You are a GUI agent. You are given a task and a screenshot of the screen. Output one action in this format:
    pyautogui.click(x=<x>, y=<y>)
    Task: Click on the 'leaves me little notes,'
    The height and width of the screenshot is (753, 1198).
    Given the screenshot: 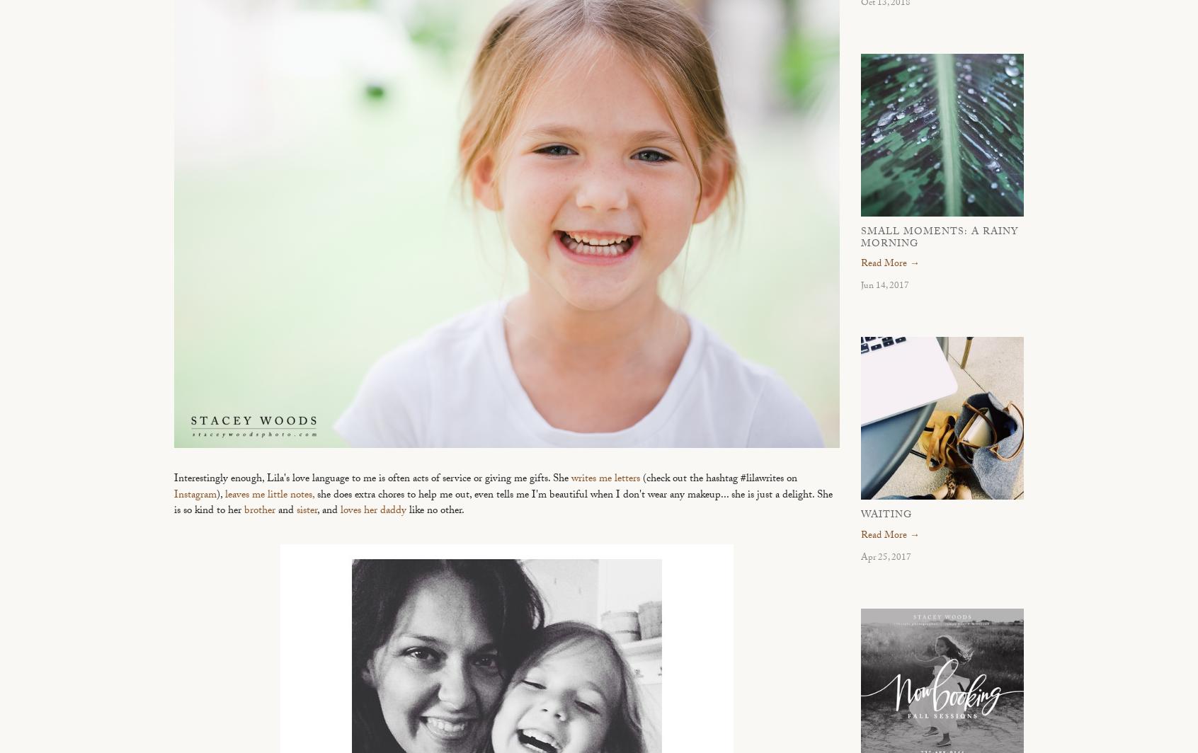 What is the action you would take?
    pyautogui.click(x=270, y=495)
    